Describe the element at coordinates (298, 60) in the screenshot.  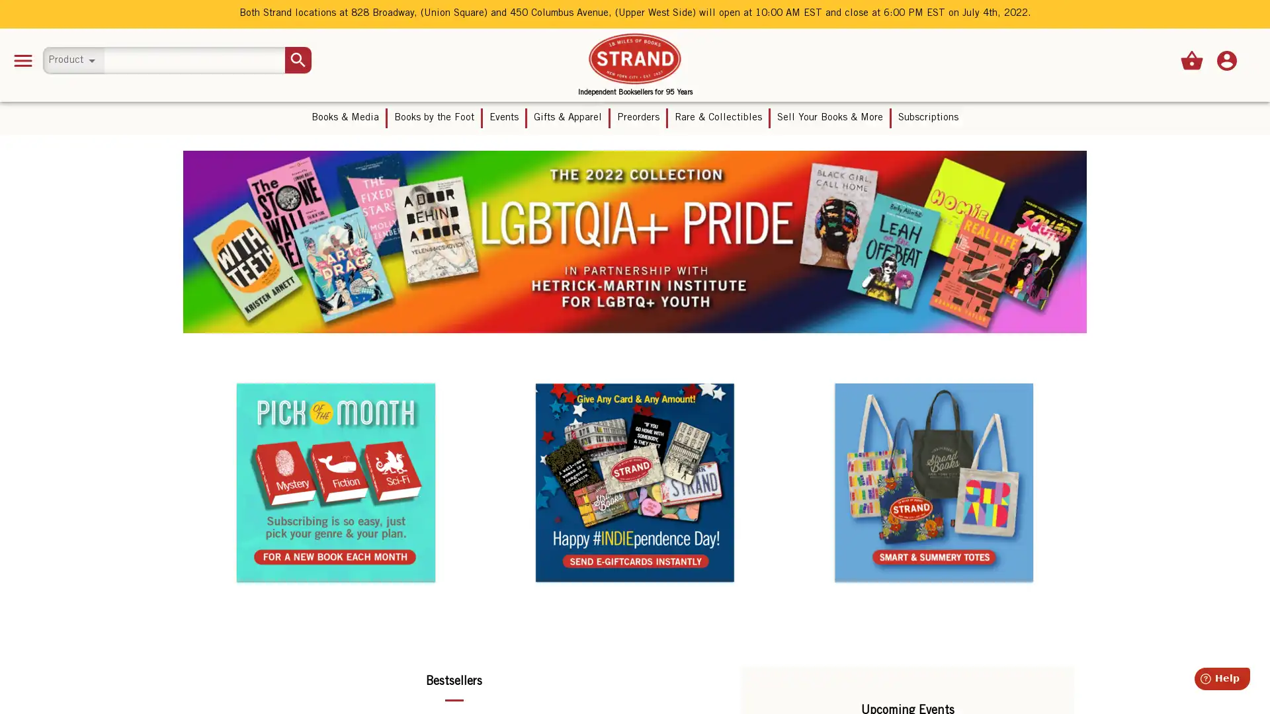
I see `Search` at that location.